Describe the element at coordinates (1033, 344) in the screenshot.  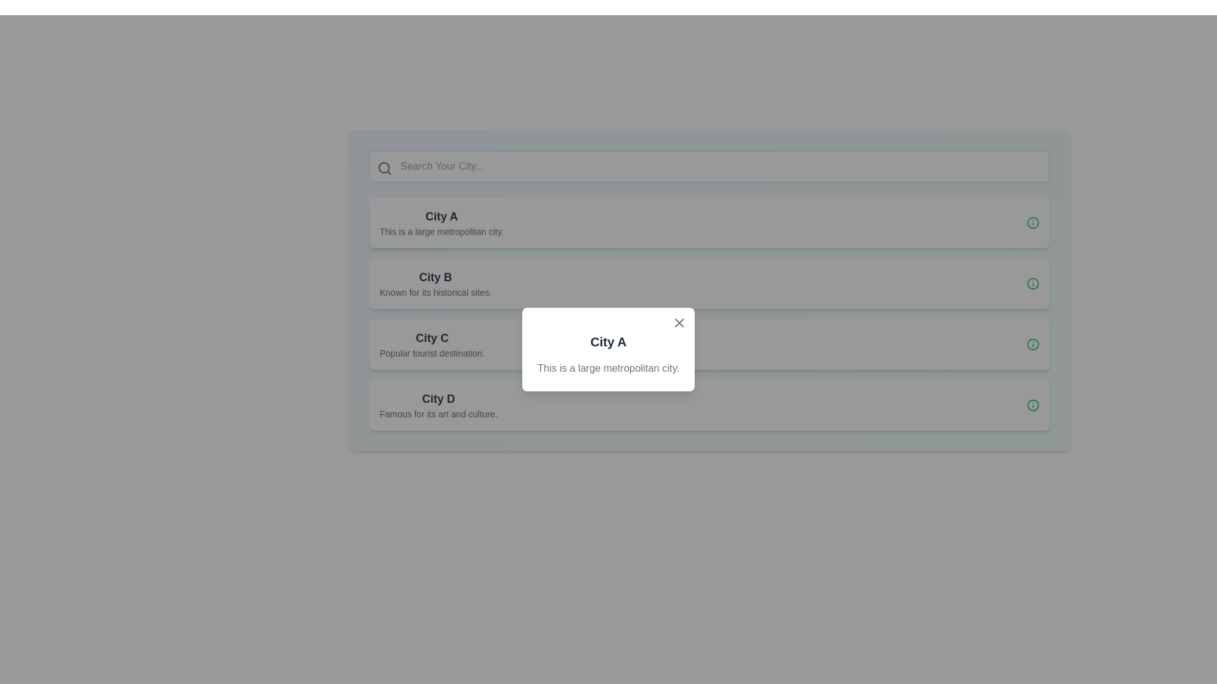
I see `the Circular visual marker, which is a filled circular shape with a green border and a central red fill, located to the right of the fourth row labeled 'City D'` at that location.